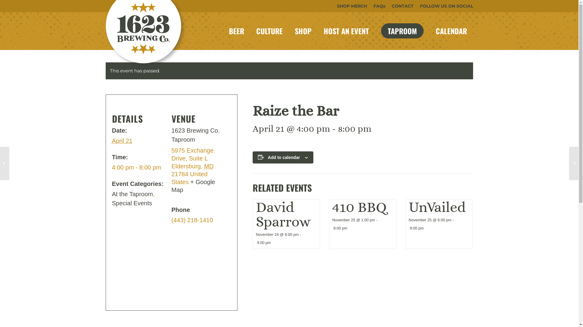  Describe the element at coordinates (437, 206) in the screenshot. I see `'UnVailed'` at that location.